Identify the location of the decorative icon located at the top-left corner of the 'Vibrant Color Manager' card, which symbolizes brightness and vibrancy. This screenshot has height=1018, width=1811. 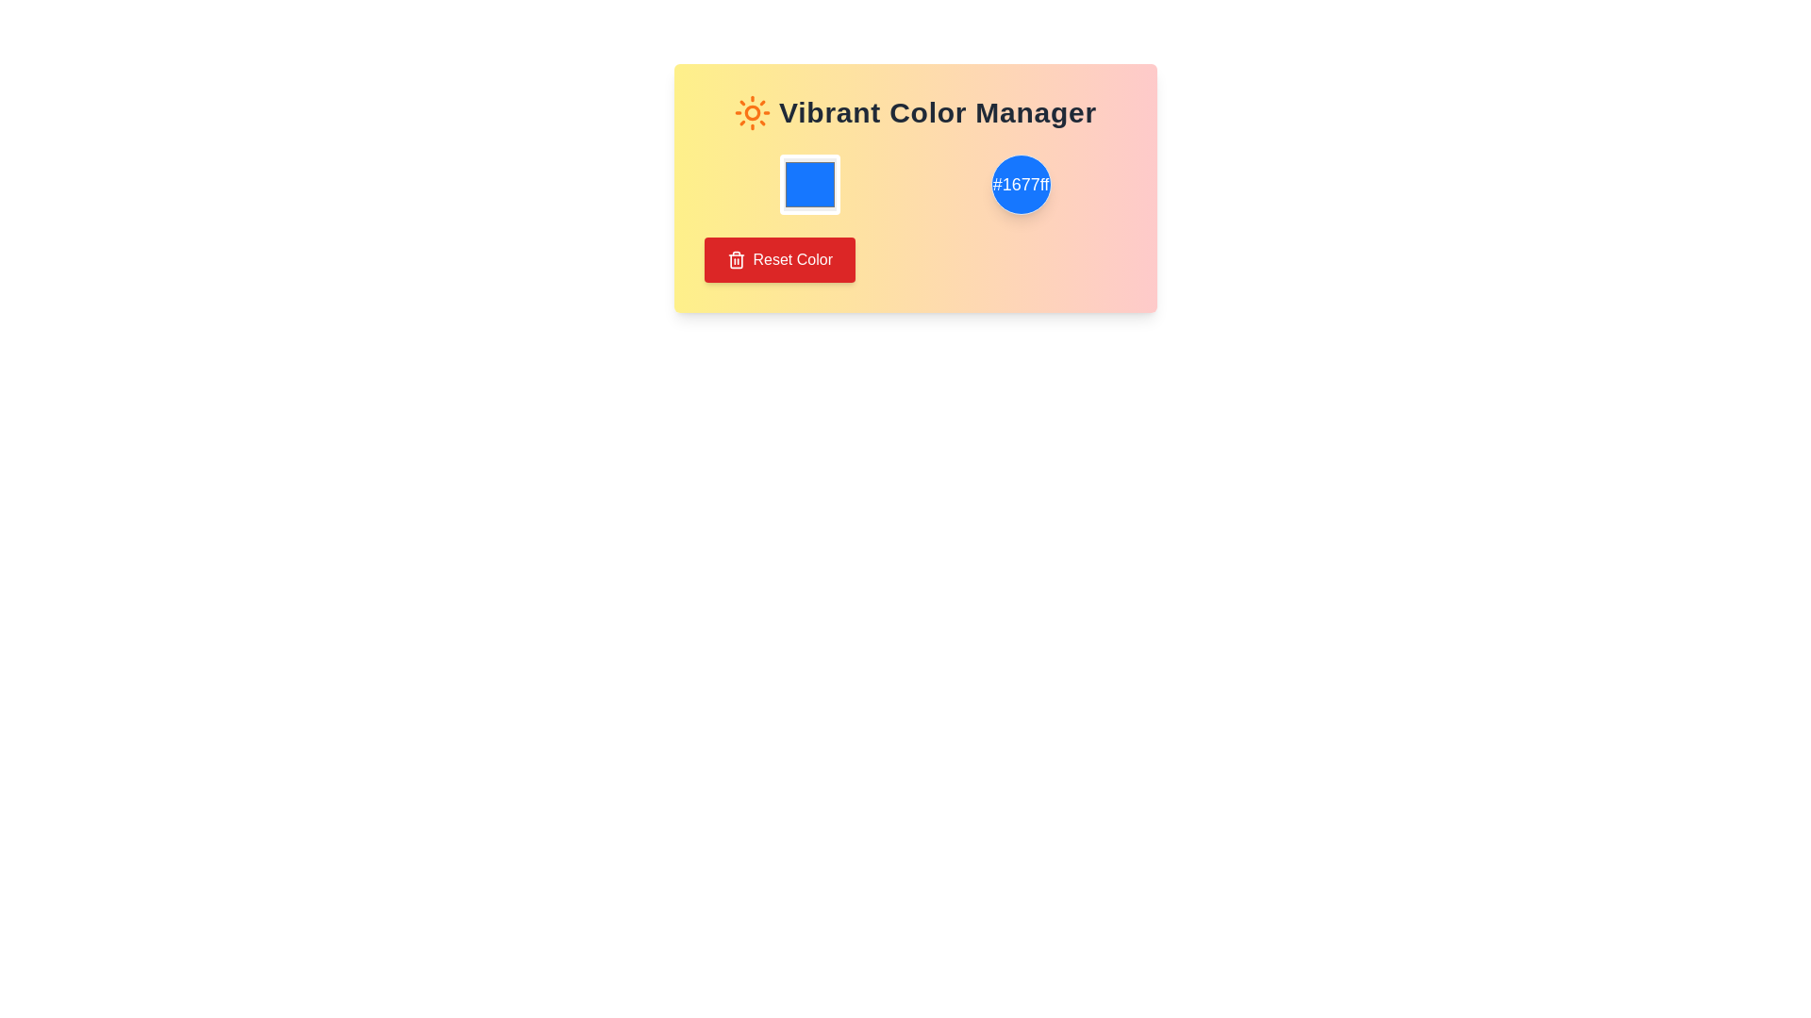
(751, 112).